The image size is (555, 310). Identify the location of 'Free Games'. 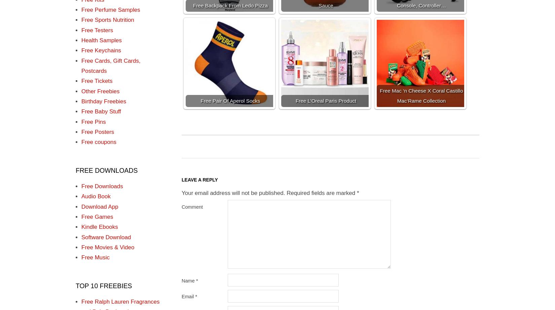
(81, 216).